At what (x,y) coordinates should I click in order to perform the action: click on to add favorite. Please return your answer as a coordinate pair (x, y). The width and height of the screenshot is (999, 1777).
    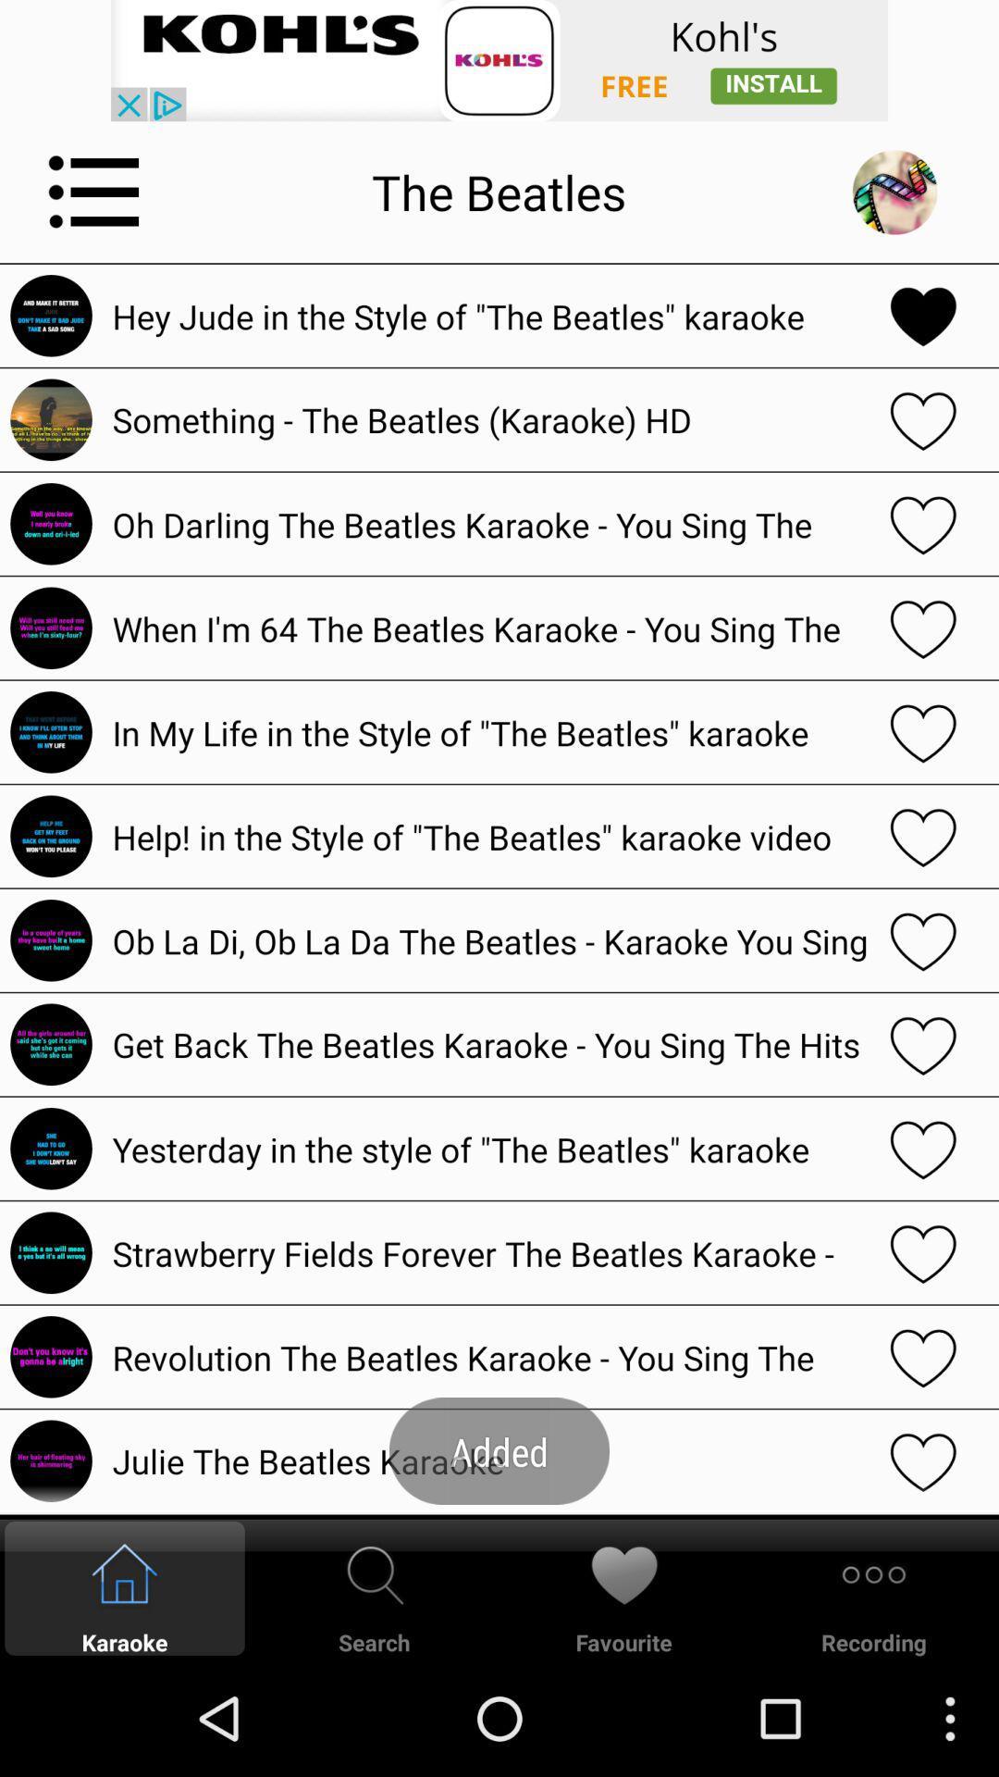
    Looking at the image, I should click on (923, 418).